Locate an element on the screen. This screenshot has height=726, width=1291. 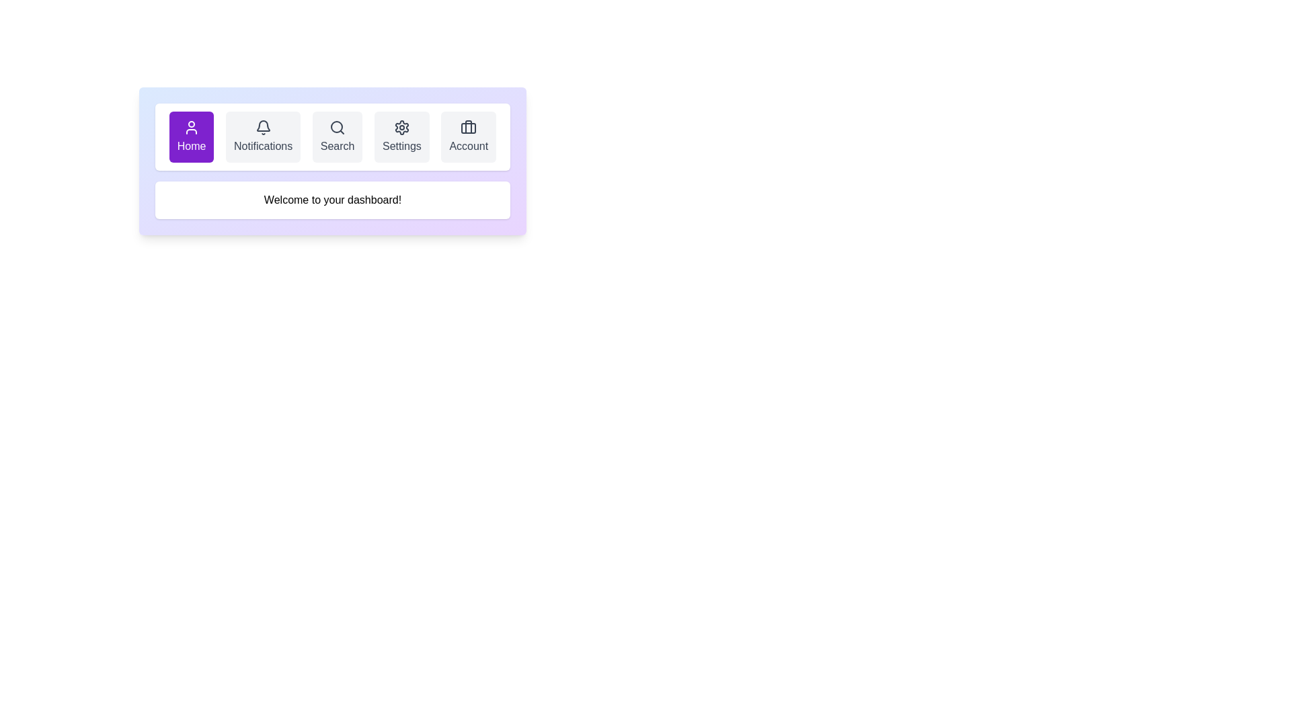
text of the 'Home' label displayed in white on a purple background, located at the bottom of the first navigation button in the menu bar is located at coordinates (191, 147).